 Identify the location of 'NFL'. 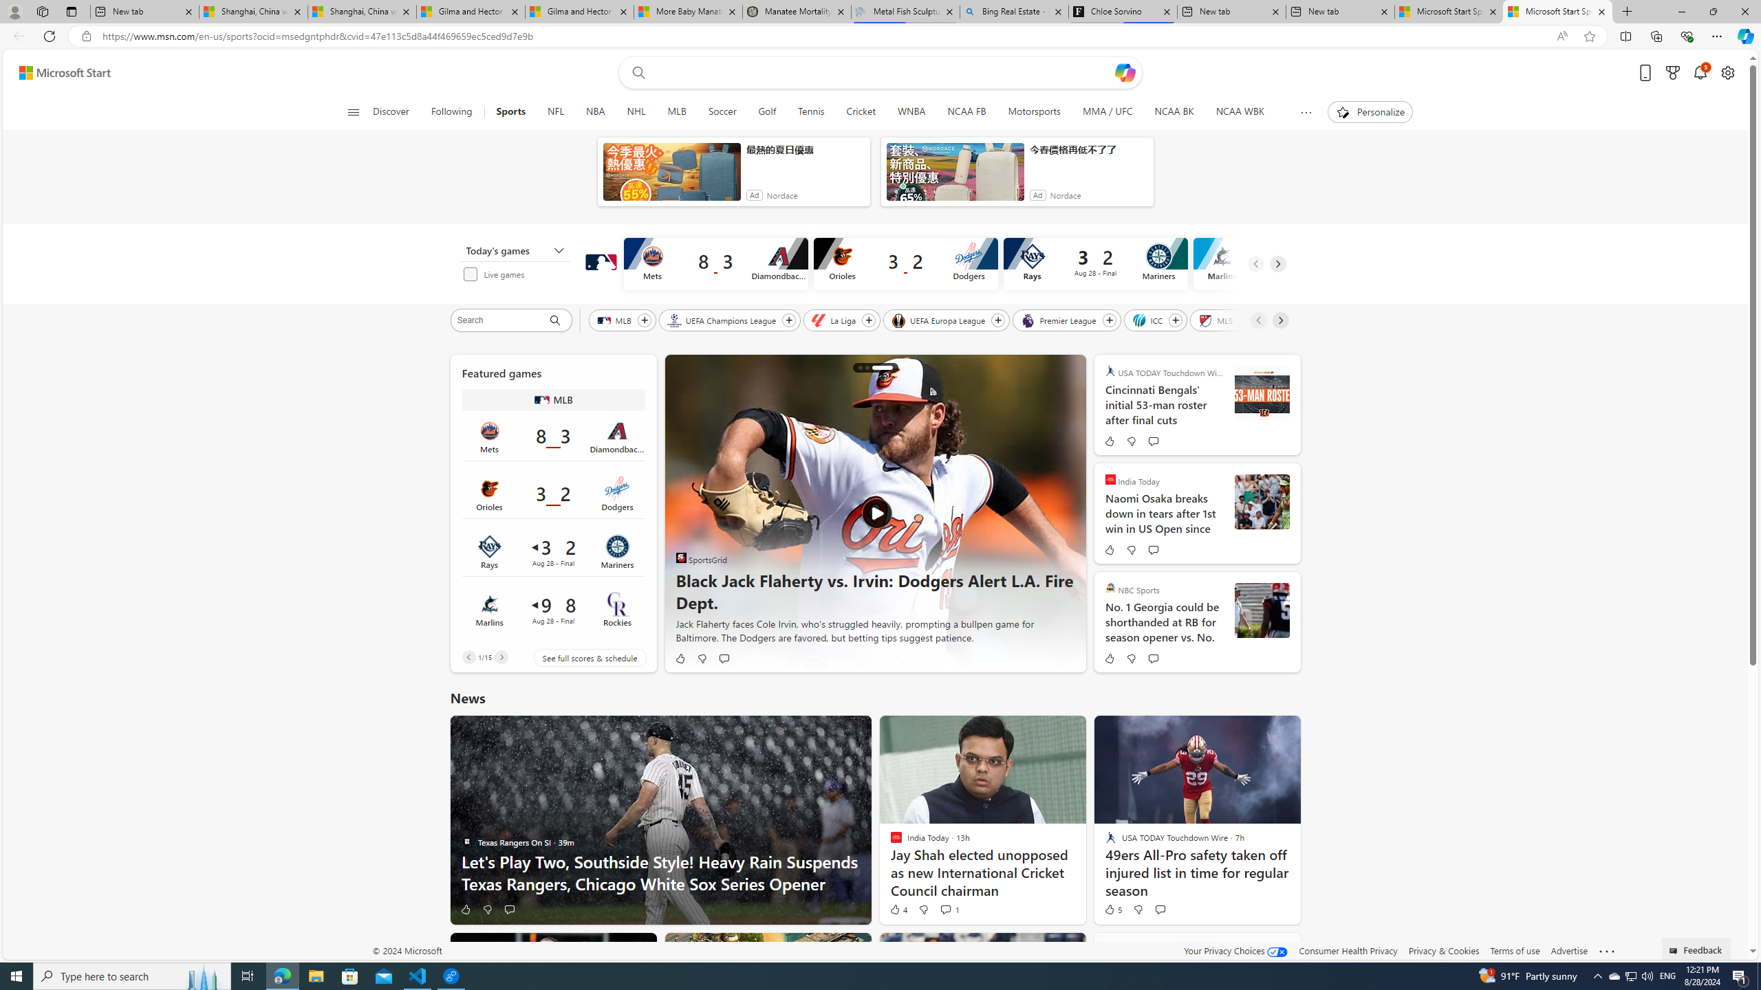
(555, 111).